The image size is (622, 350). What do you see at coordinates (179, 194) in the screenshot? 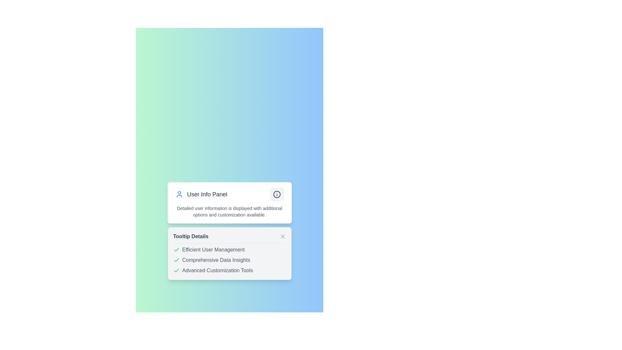
I see `the blue user icon, which is a minimalist outline of a person's head and shoulders, located to the left of the 'User Info Panel' text` at bounding box center [179, 194].